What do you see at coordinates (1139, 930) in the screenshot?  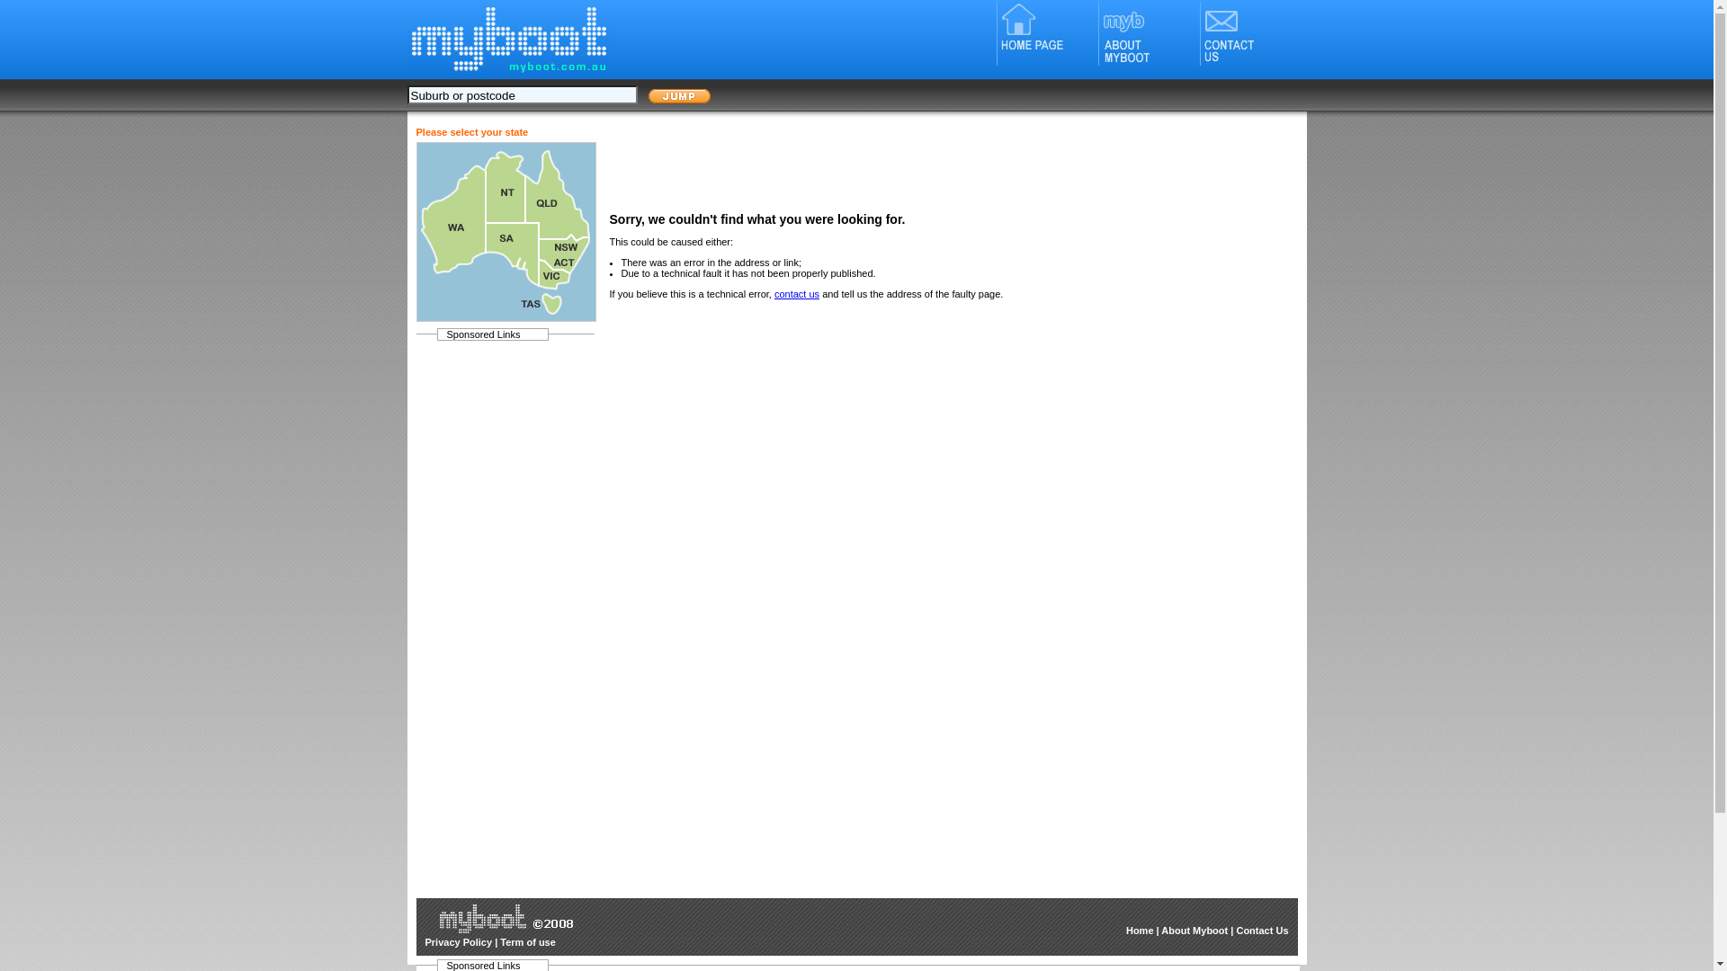 I see `'Home'` at bounding box center [1139, 930].